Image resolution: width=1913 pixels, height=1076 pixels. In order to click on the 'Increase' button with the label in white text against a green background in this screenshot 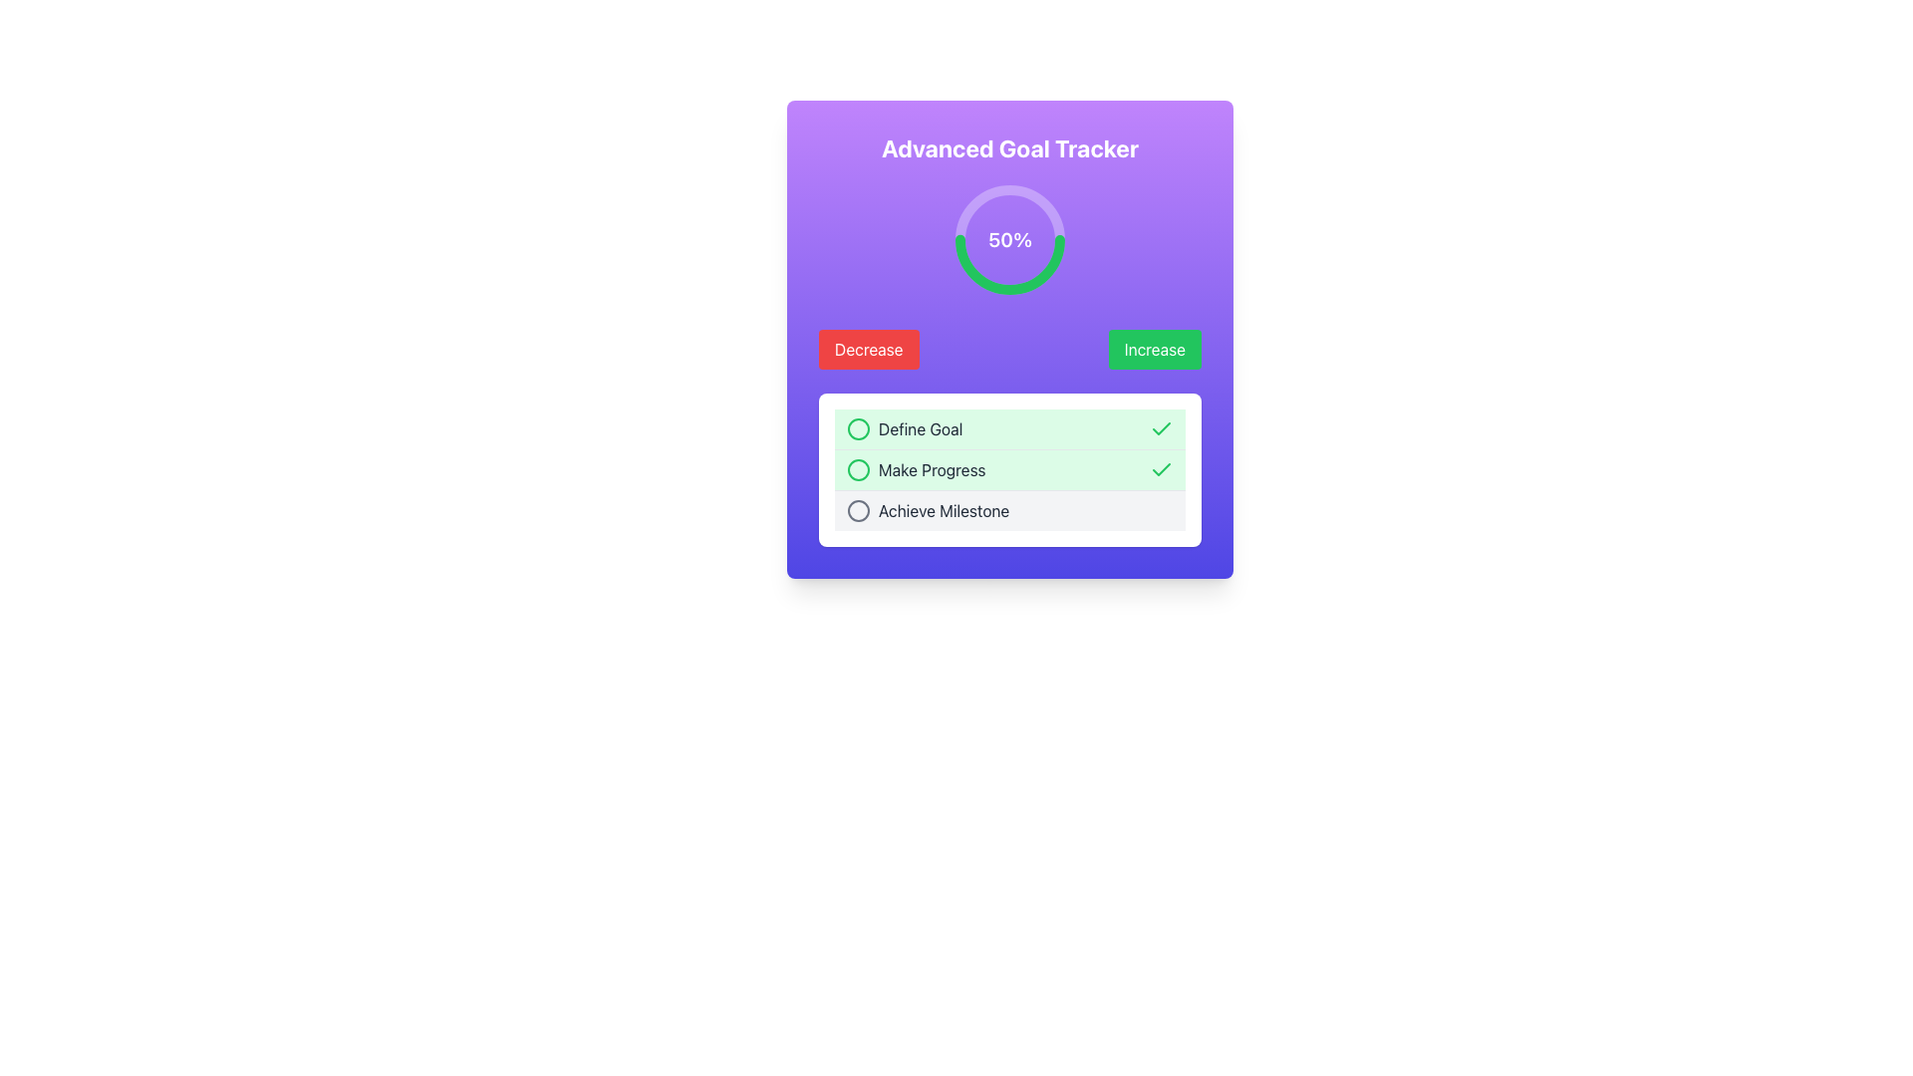, I will do `click(1155, 349)`.